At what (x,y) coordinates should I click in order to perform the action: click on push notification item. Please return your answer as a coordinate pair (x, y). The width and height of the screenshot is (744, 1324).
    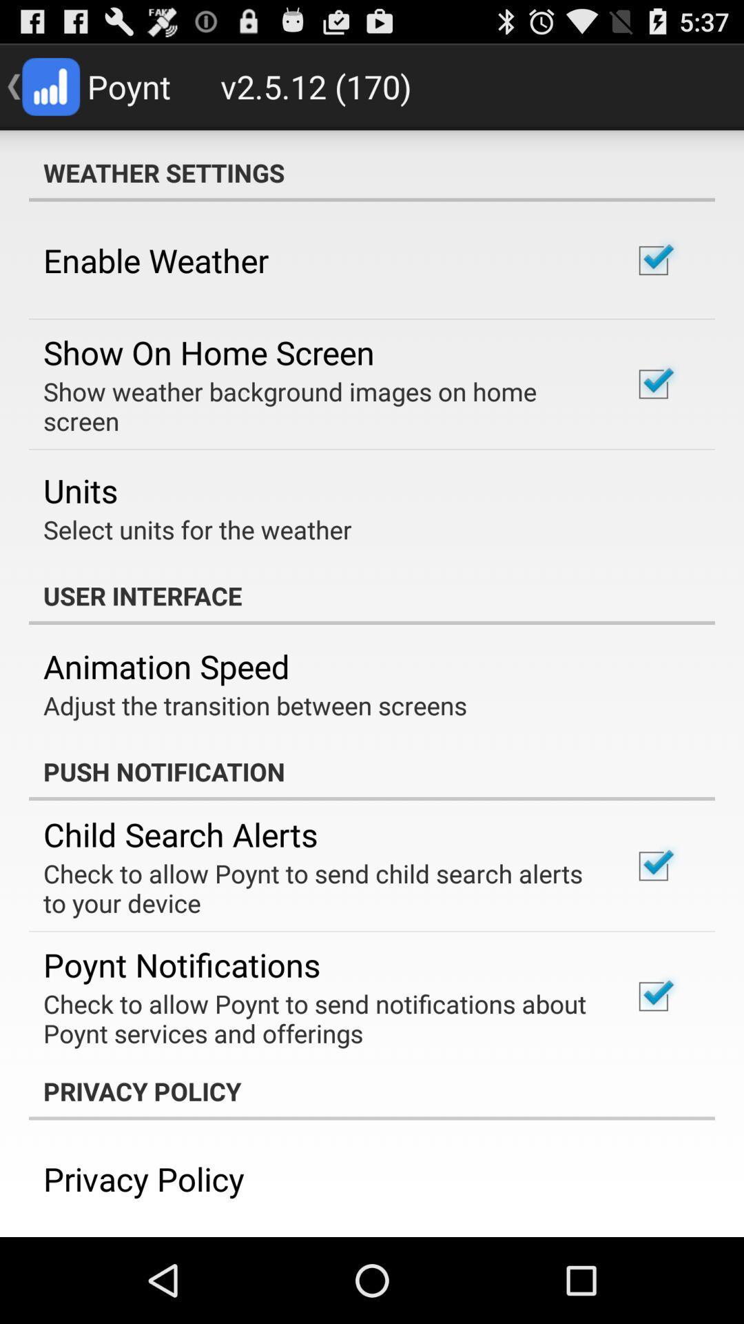
    Looking at the image, I should click on (372, 770).